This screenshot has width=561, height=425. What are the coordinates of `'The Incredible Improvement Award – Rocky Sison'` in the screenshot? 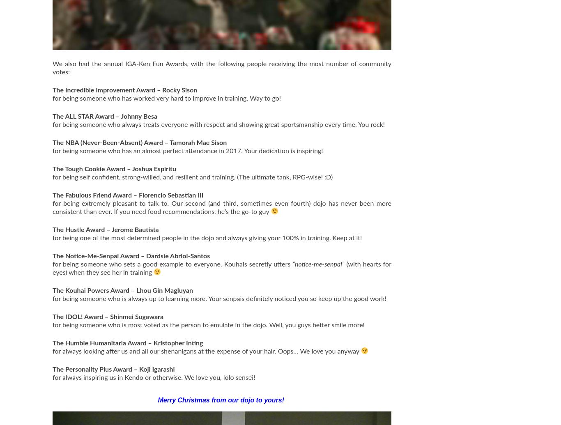 It's located at (124, 90).